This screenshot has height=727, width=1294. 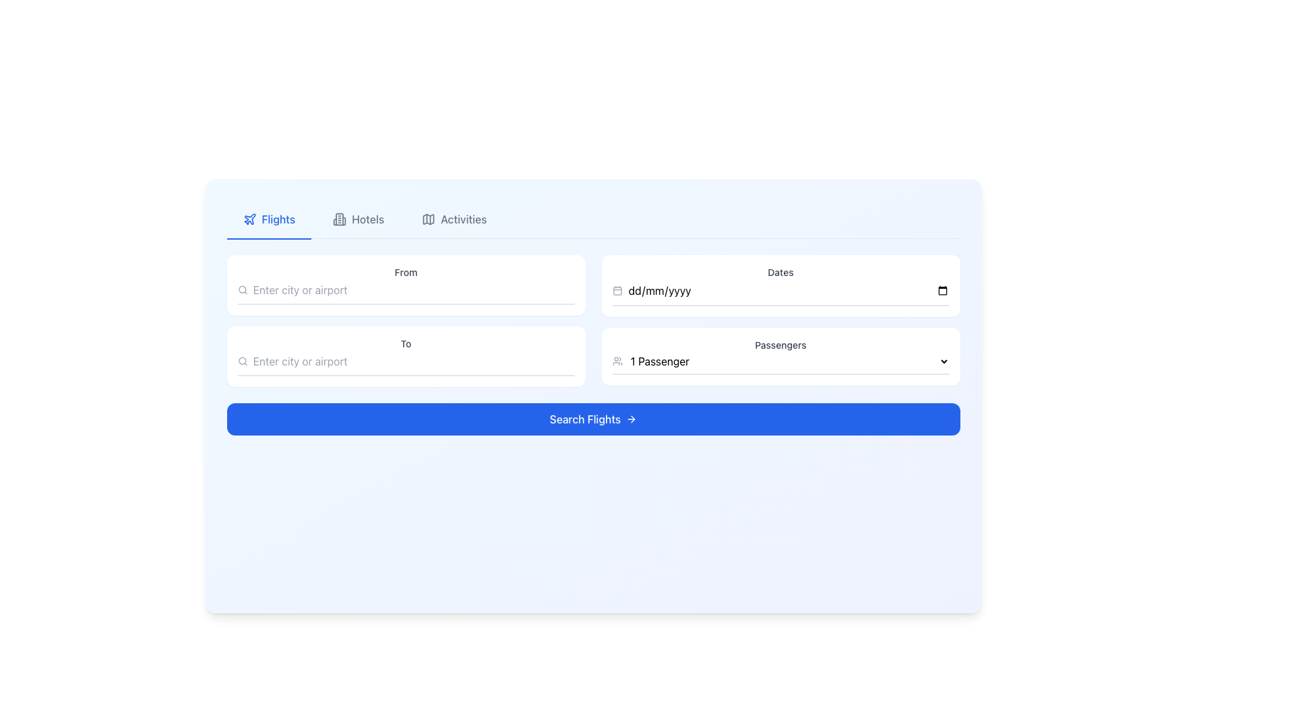 I want to click on the blue button labeled 'Search Flights' that contains the progression/navigation icon, located to the right of the text, so click(x=631, y=419).